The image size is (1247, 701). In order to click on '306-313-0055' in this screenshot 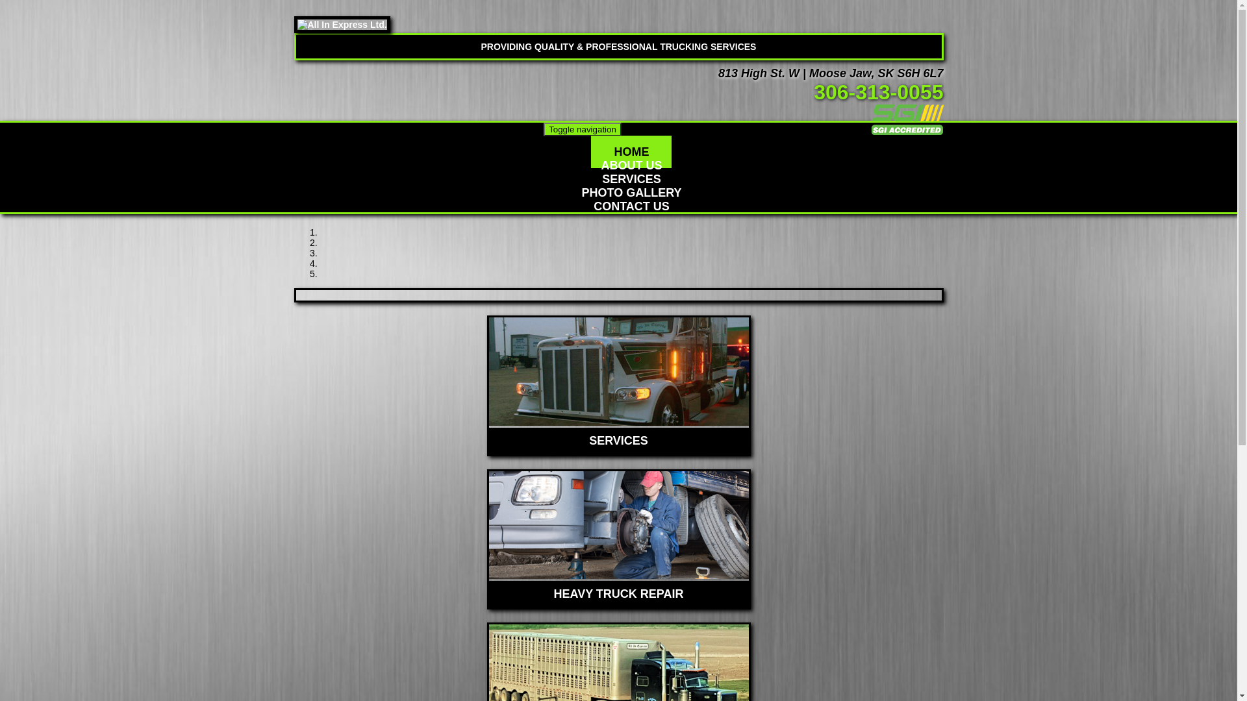, I will do `click(878, 92)`.